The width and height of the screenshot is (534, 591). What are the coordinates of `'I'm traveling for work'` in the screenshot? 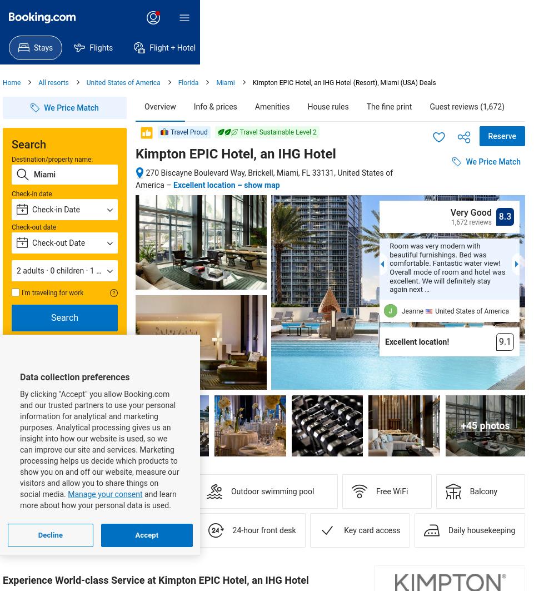 It's located at (52, 293).